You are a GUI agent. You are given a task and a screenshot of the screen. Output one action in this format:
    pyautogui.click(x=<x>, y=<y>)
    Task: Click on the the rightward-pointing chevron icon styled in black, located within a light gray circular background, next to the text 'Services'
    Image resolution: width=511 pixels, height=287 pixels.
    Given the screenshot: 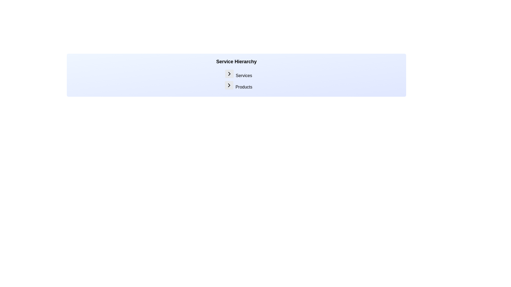 What is the action you would take?
    pyautogui.click(x=229, y=74)
    